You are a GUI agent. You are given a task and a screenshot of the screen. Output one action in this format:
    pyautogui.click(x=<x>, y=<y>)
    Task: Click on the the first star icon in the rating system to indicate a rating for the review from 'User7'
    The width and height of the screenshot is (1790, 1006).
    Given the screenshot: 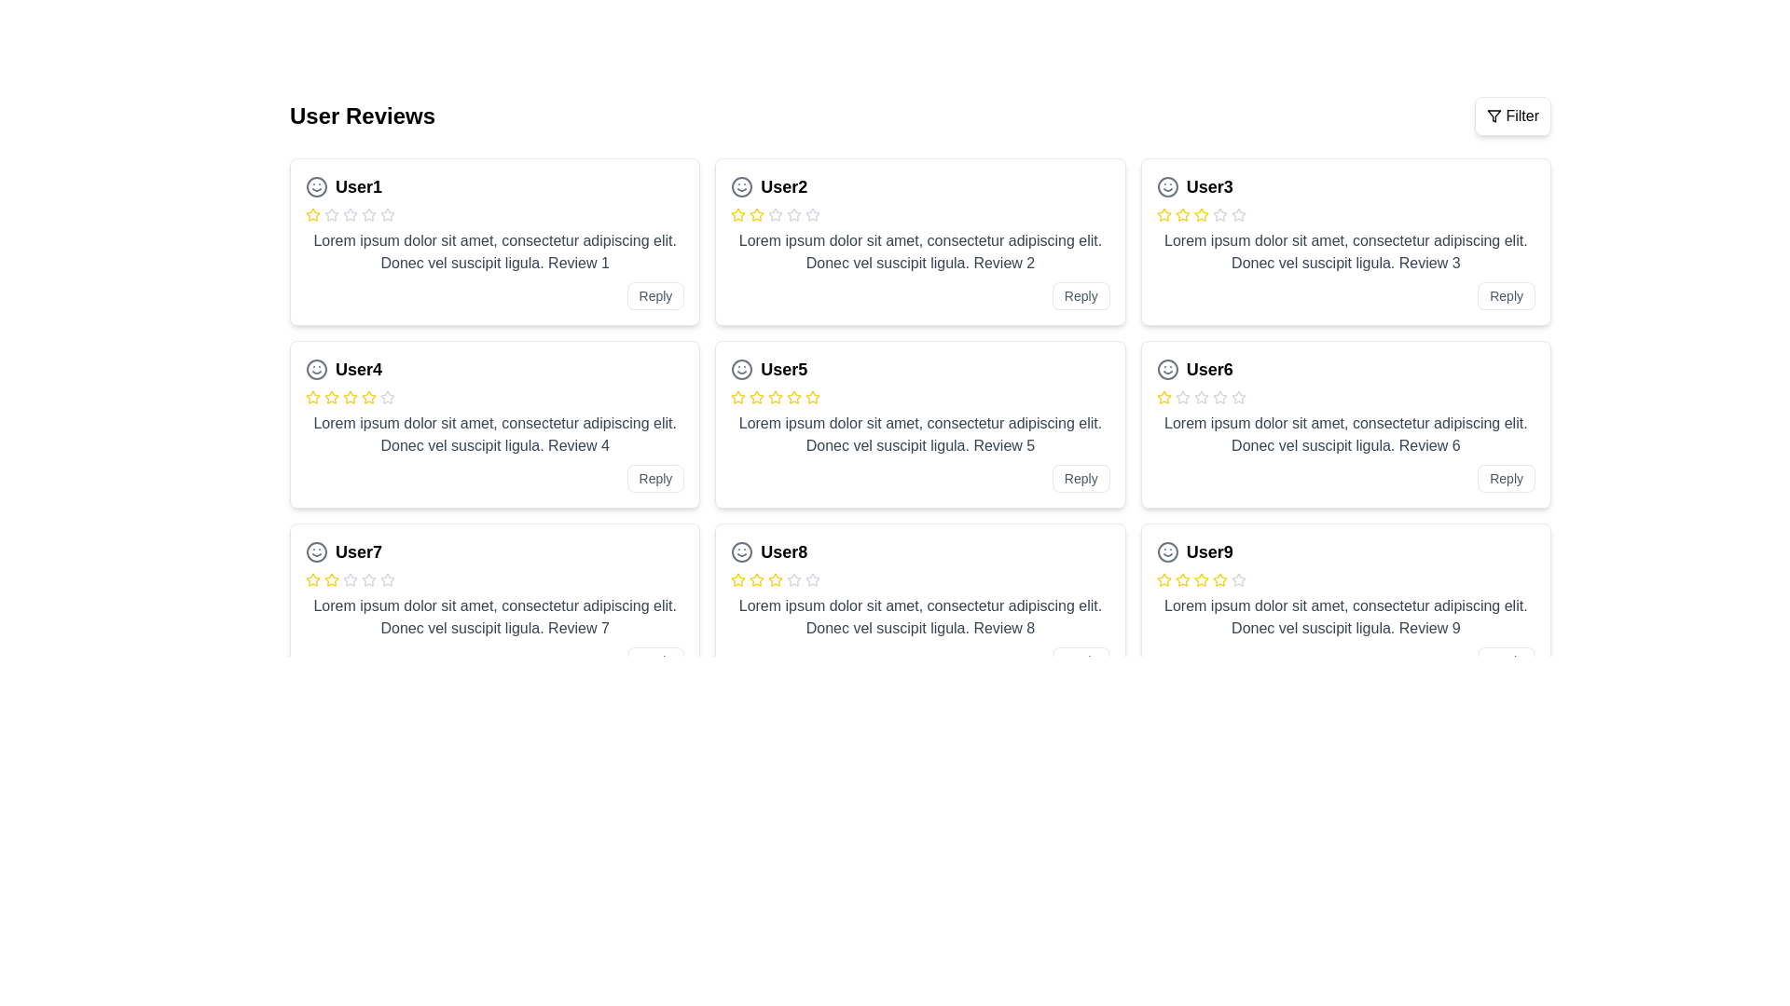 What is the action you would take?
    pyautogui.click(x=331, y=578)
    